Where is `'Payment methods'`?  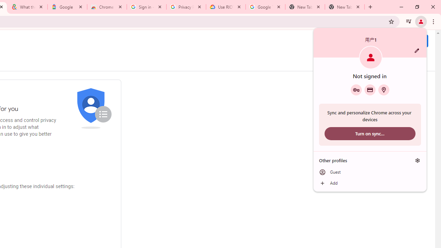
'Payment methods' is located at coordinates (370, 90).